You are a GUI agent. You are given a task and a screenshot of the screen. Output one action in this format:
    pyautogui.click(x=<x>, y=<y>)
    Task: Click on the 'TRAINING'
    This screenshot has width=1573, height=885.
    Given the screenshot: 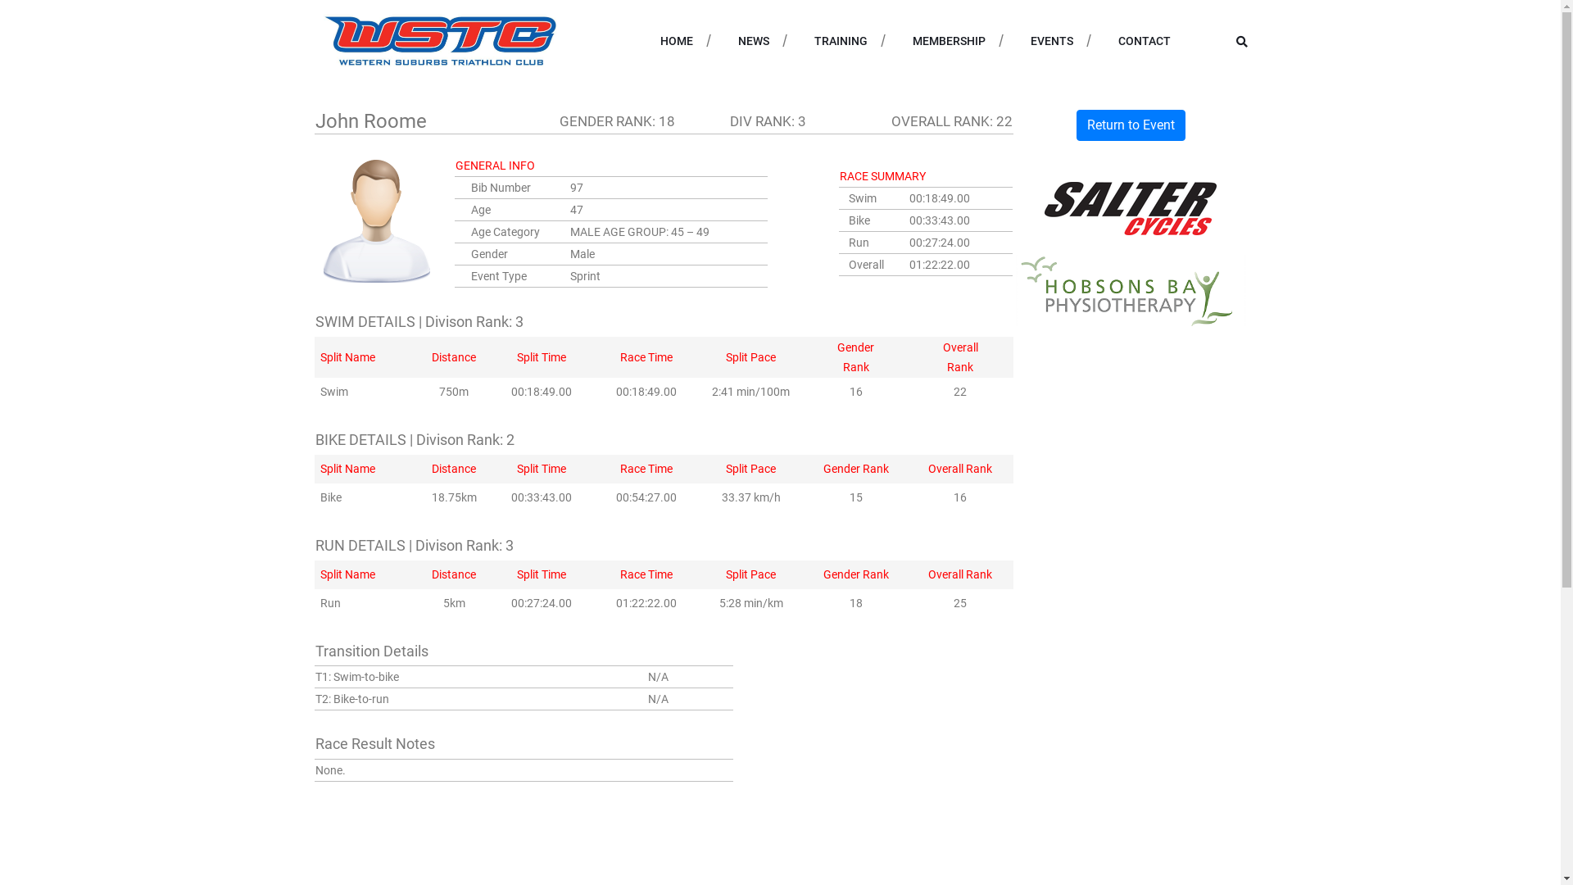 What is the action you would take?
    pyautogui.click(x=814, y=40)
    